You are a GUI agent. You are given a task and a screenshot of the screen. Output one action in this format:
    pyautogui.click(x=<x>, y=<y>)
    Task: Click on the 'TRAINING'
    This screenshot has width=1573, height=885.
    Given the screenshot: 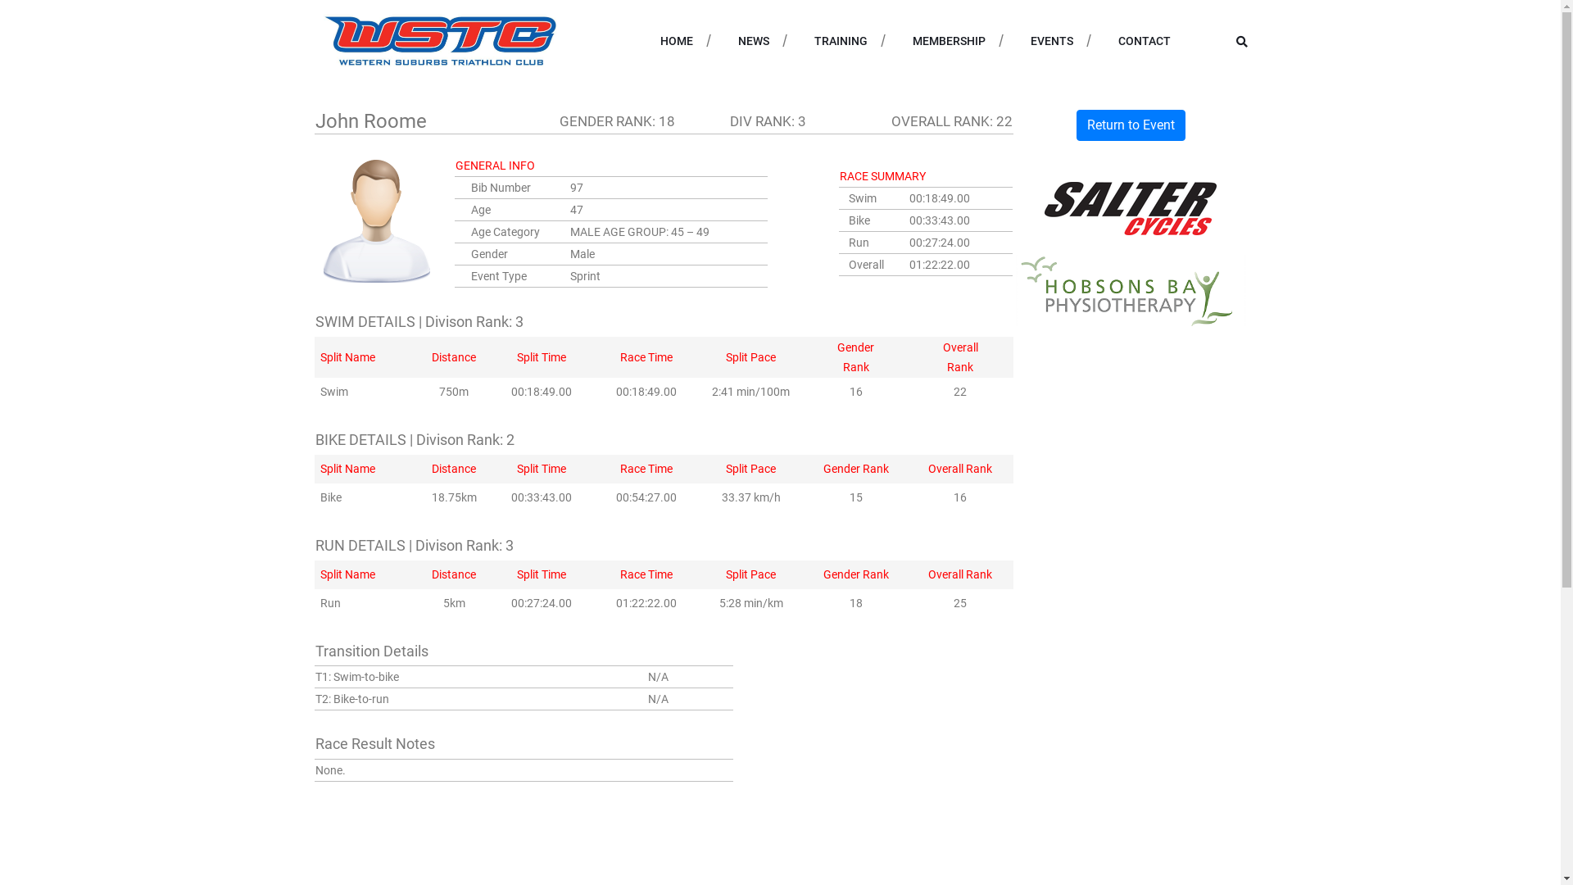 What is the action you would take?
    pyautogui.click(x=814, y=40)
    